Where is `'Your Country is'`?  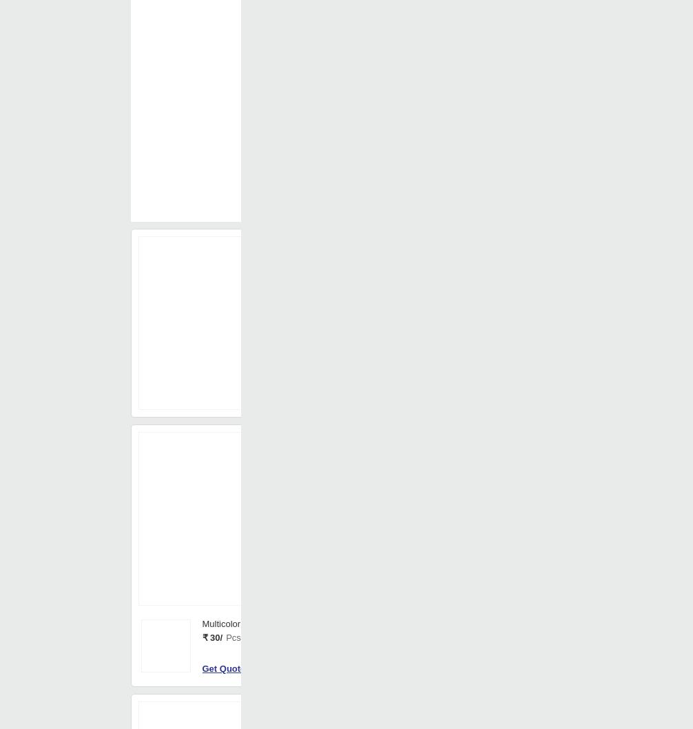 'Your Country is' is located at coordinates (271, 247).